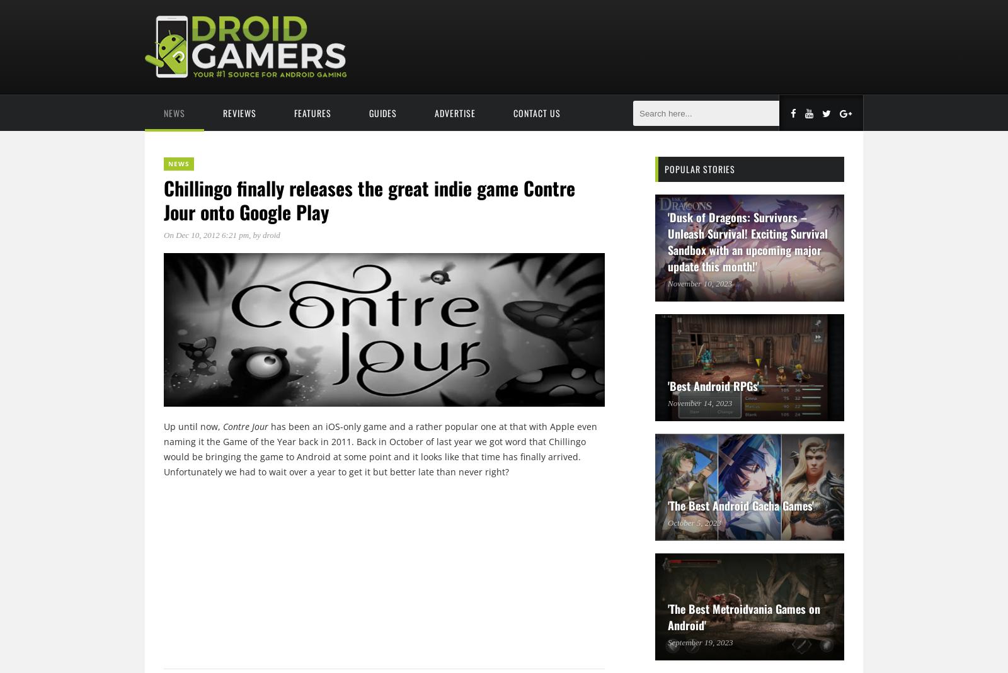  Describe the element at coordinates (741, 506) in the screenshot. I see `''The Best Android Gacha Games''` at that location.